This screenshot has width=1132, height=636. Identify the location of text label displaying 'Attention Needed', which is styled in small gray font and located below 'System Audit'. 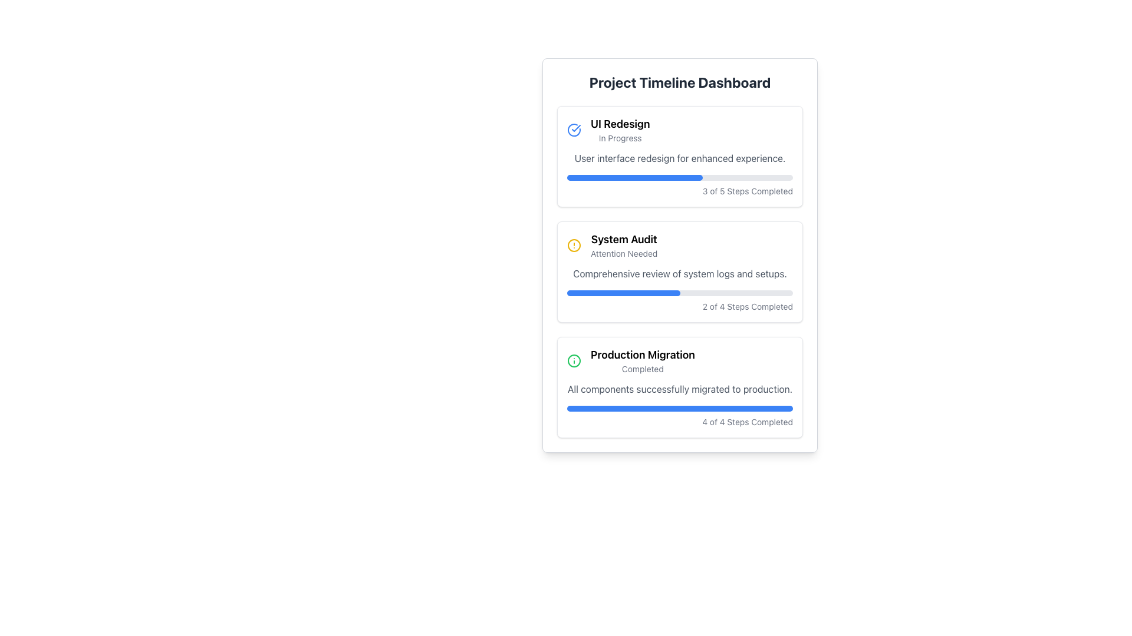
(623, 253).